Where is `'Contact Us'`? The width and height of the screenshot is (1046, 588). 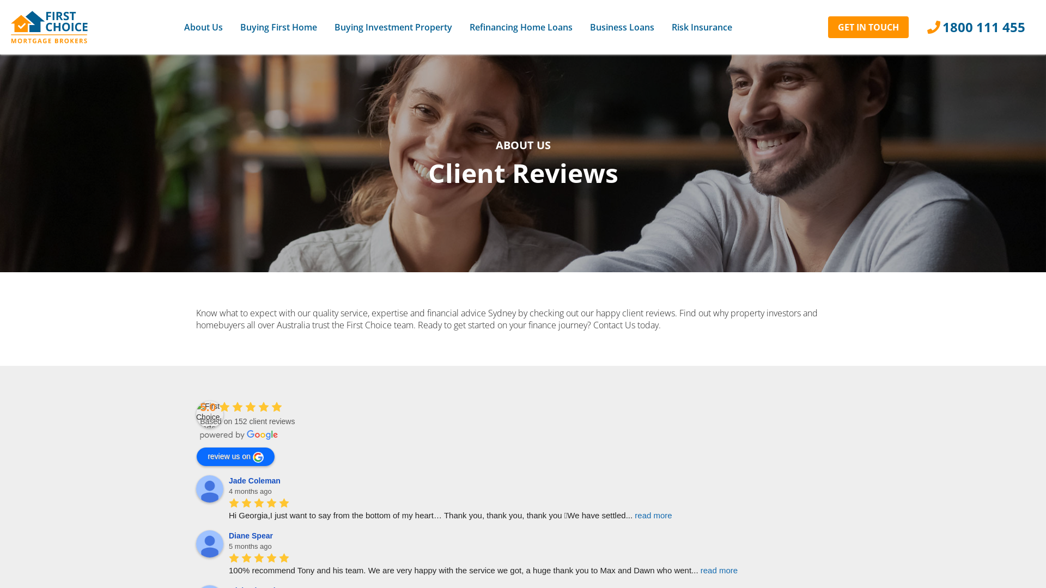 'Contact Us' is located at coordinates (593, 324).